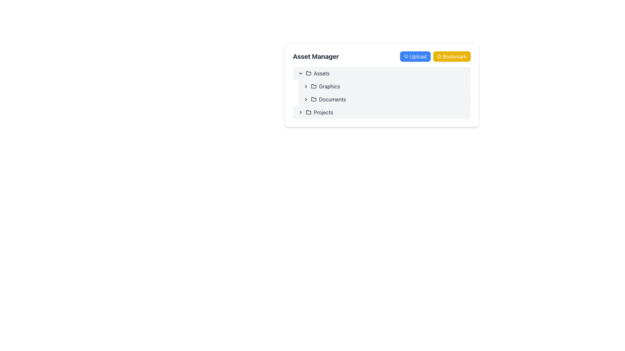 This screenshot has width=625, height=351. Describe the element at coordinates (322, 73) in the screenshot. I see `label 'Assets' which is positioned within the dropdown menu item and serves as a textual identifier to the right of the folder icon` at that location.